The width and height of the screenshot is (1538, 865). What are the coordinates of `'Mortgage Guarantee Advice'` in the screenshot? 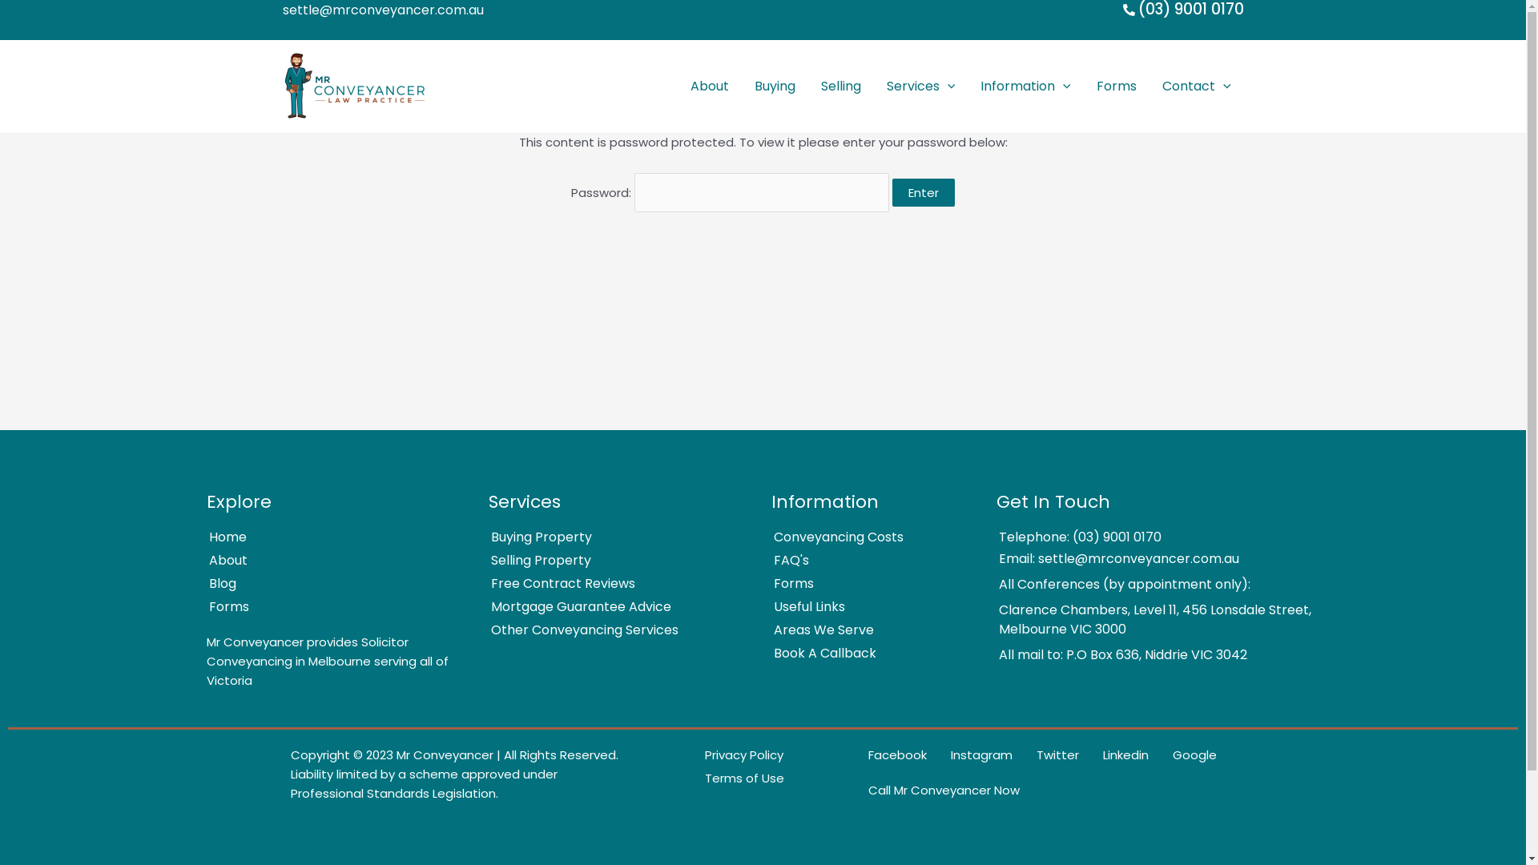 It's located at (611, 607).